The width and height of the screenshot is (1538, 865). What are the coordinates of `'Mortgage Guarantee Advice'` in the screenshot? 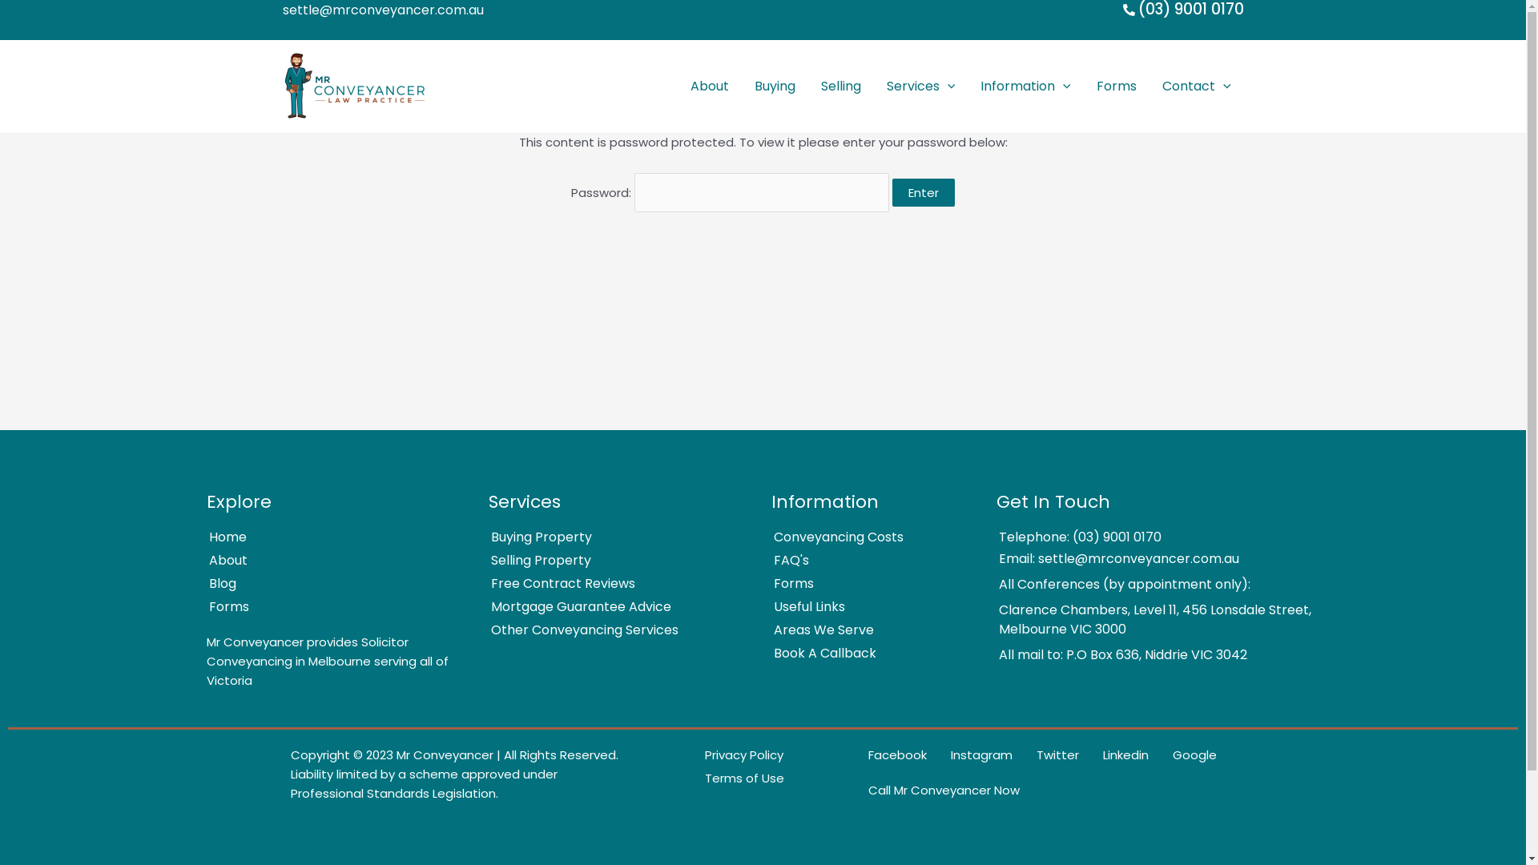 It's located at (611, 607).